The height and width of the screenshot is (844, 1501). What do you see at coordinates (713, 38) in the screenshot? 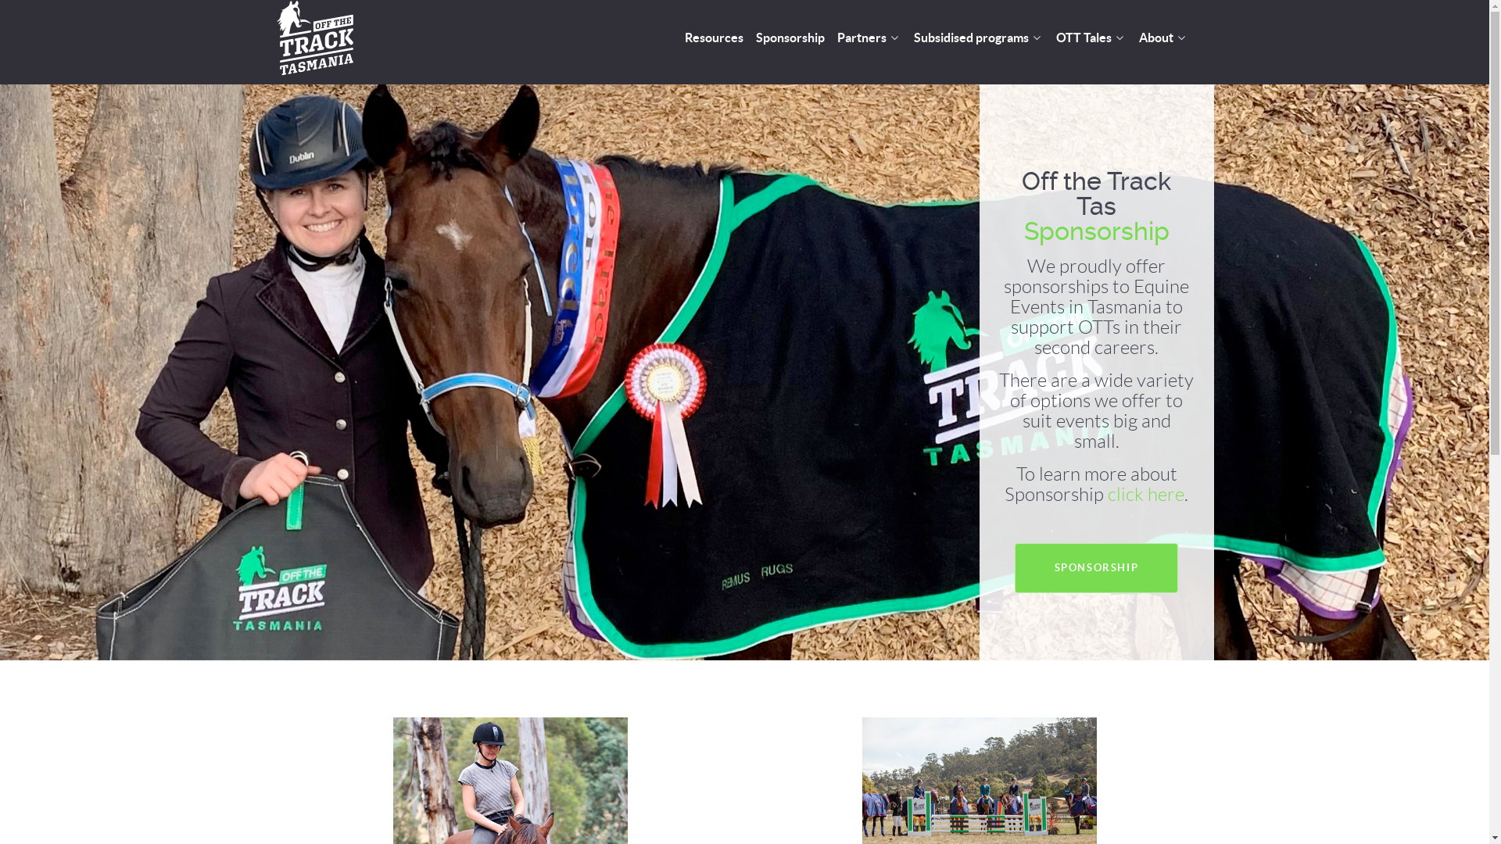
I see `'Resources'` at bounding box center [713, 38].